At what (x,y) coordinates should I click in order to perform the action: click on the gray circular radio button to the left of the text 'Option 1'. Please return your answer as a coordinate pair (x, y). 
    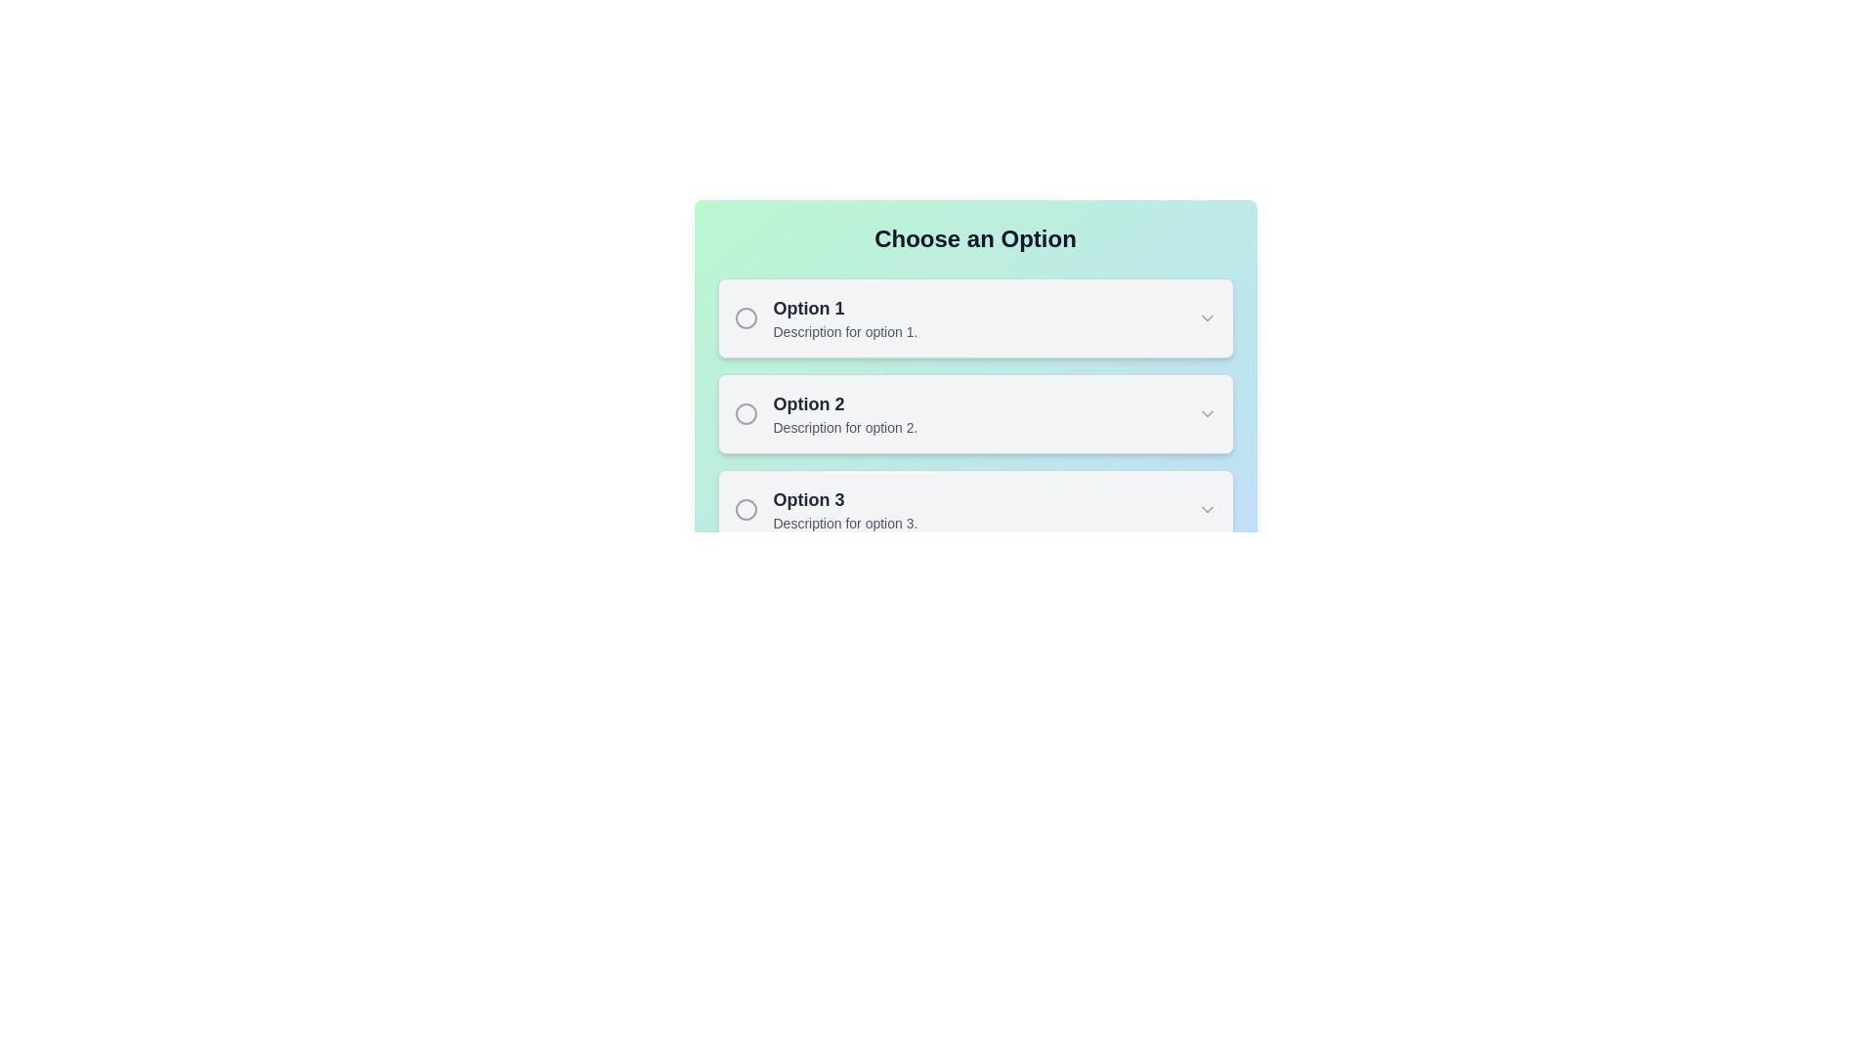
    Looking at the image, I should click on (745, 317).